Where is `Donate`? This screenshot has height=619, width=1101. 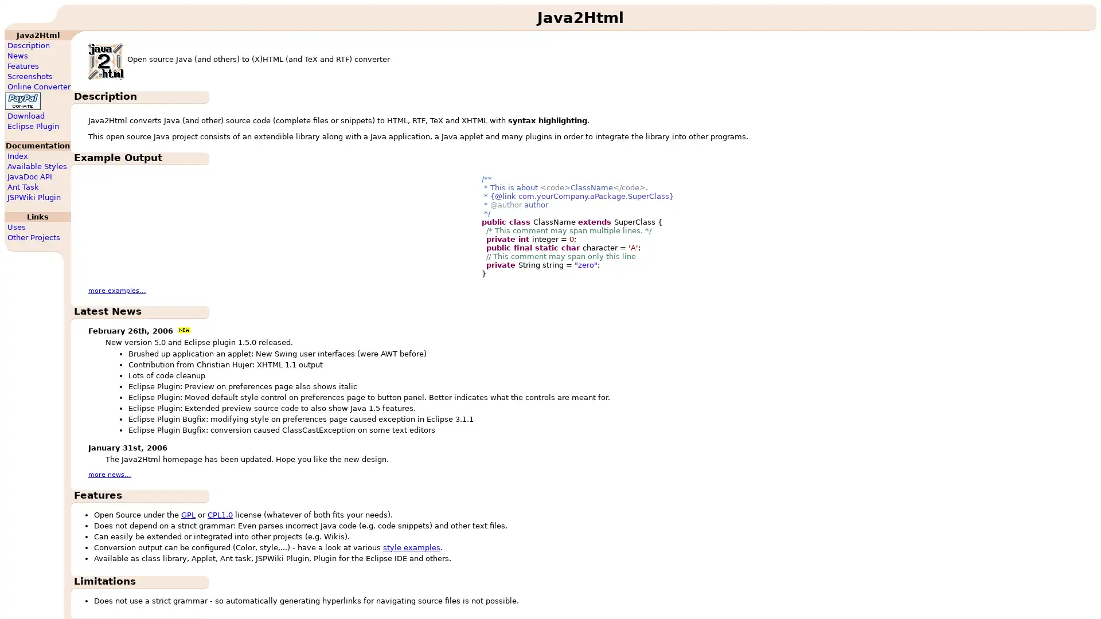 Donate is located at coordinates (22, 100).